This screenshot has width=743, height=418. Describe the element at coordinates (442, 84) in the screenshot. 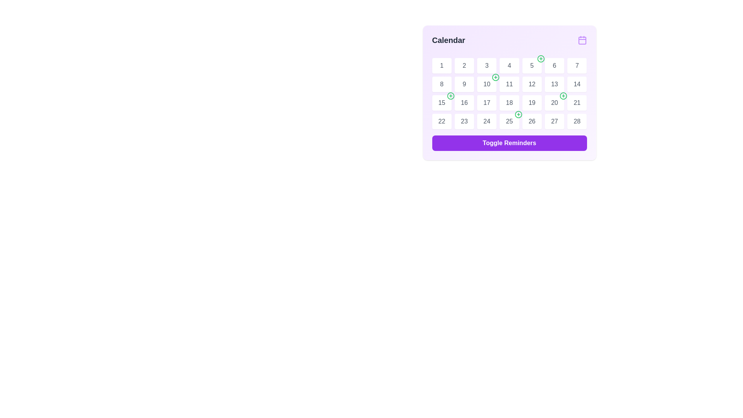

I see `the text label representing the day '8' in the calendar grid` at that location.